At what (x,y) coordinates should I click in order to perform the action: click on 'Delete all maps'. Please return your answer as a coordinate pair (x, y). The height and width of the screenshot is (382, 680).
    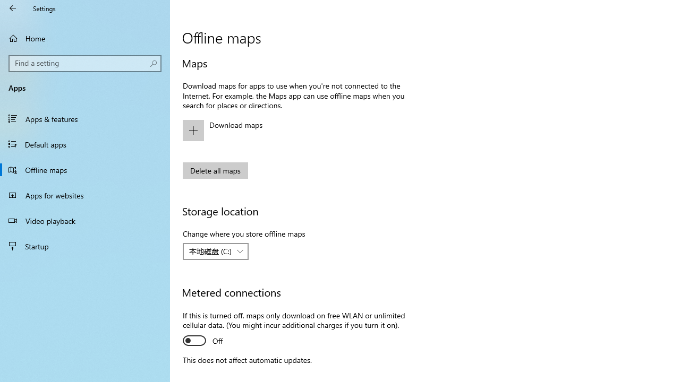
    Looking at the image, I should click on (215, 170).